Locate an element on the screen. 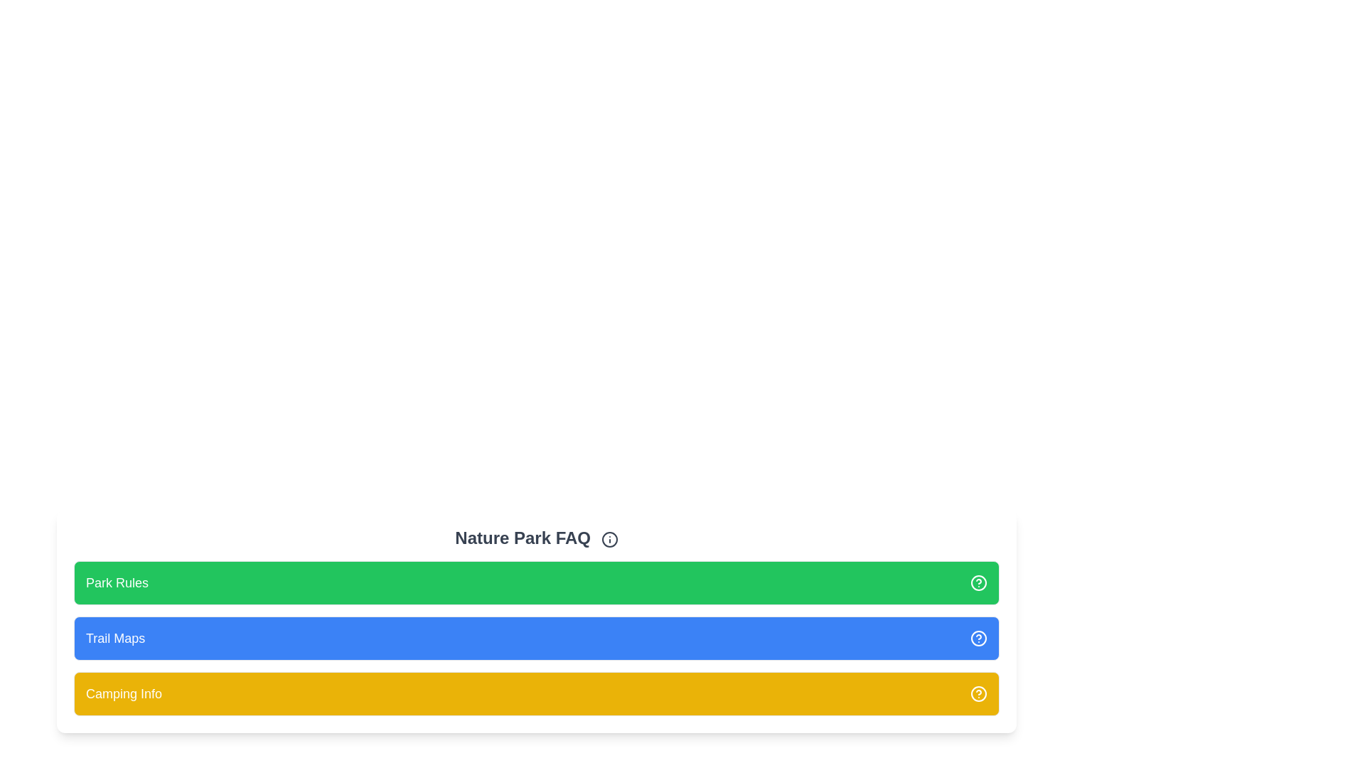 The height and width of the screenshot is (768, 1365). the small circular information icon is located at coordinates (609, 539).